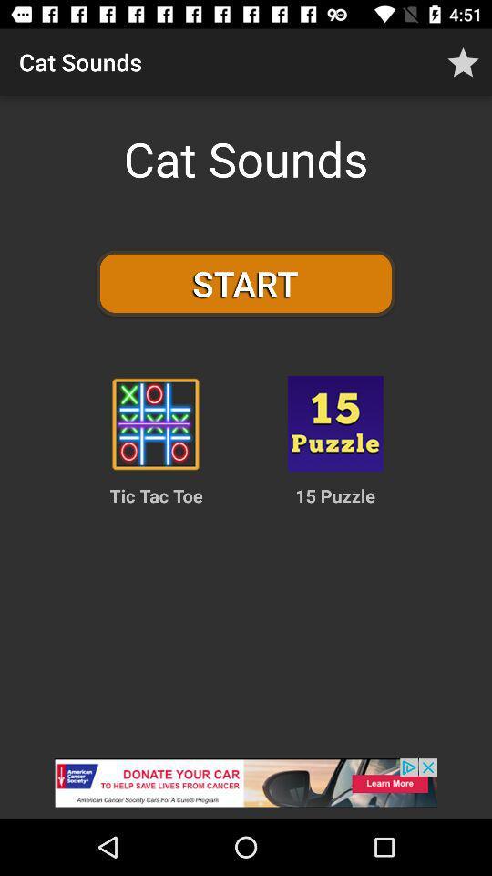 The image size is (492, 876). Describe the element at coordinates (334, 423) in the screenshot. I see `to choose game` at that location.